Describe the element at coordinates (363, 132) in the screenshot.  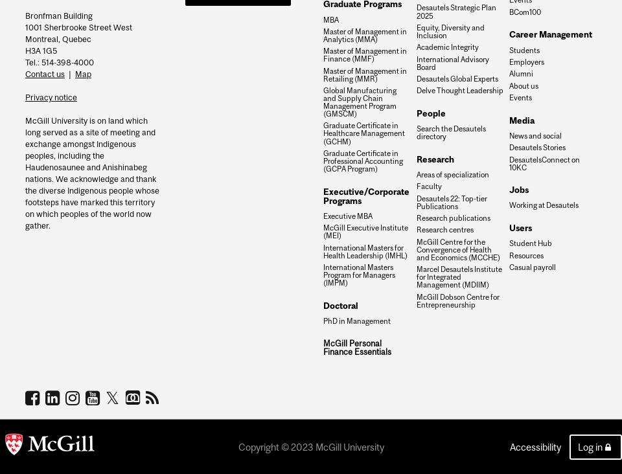
I see `'Graduate Certificate in Healthcare Management (GCHM)'` at that location.